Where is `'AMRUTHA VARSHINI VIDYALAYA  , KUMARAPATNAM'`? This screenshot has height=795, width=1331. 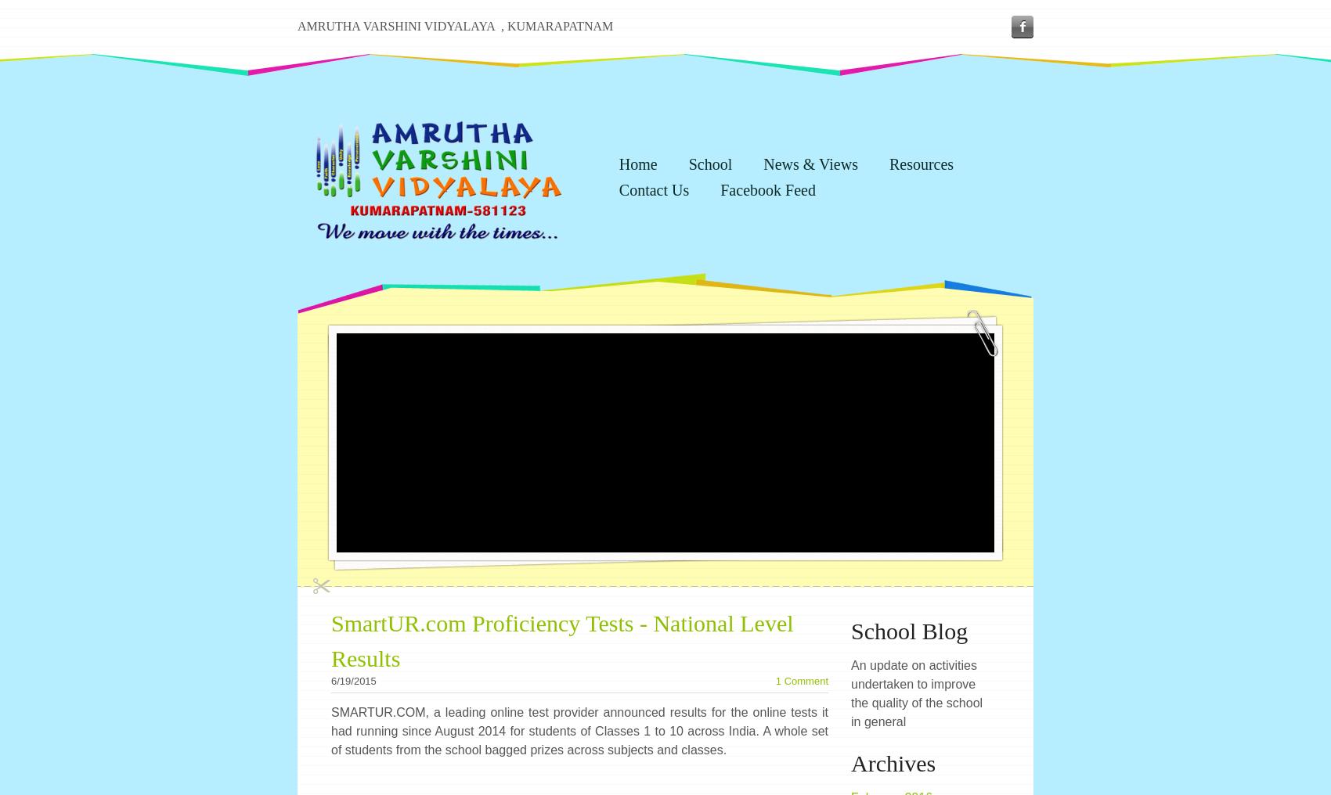 'AMRUTHA VARSHINI VIDYALAYA  , KUMARAPATNAM' is located at coordinates (454, 25).